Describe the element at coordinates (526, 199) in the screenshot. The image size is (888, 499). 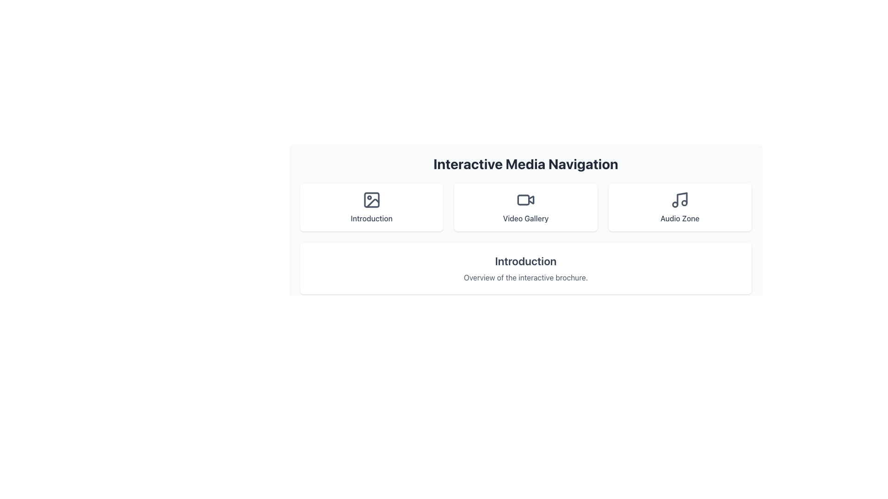
I see `the SVG video camera icon located above the 'Video Gallery' label in the interactive media navigation menu` at that location.